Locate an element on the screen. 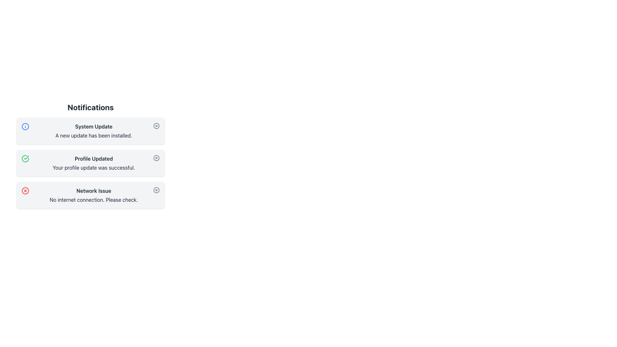 This screenshot has height=347, width=617. text label that informs the user about network connectivity problems, located in the third notification card under the 'Network Issue' title is located at coordinates (94, 199).